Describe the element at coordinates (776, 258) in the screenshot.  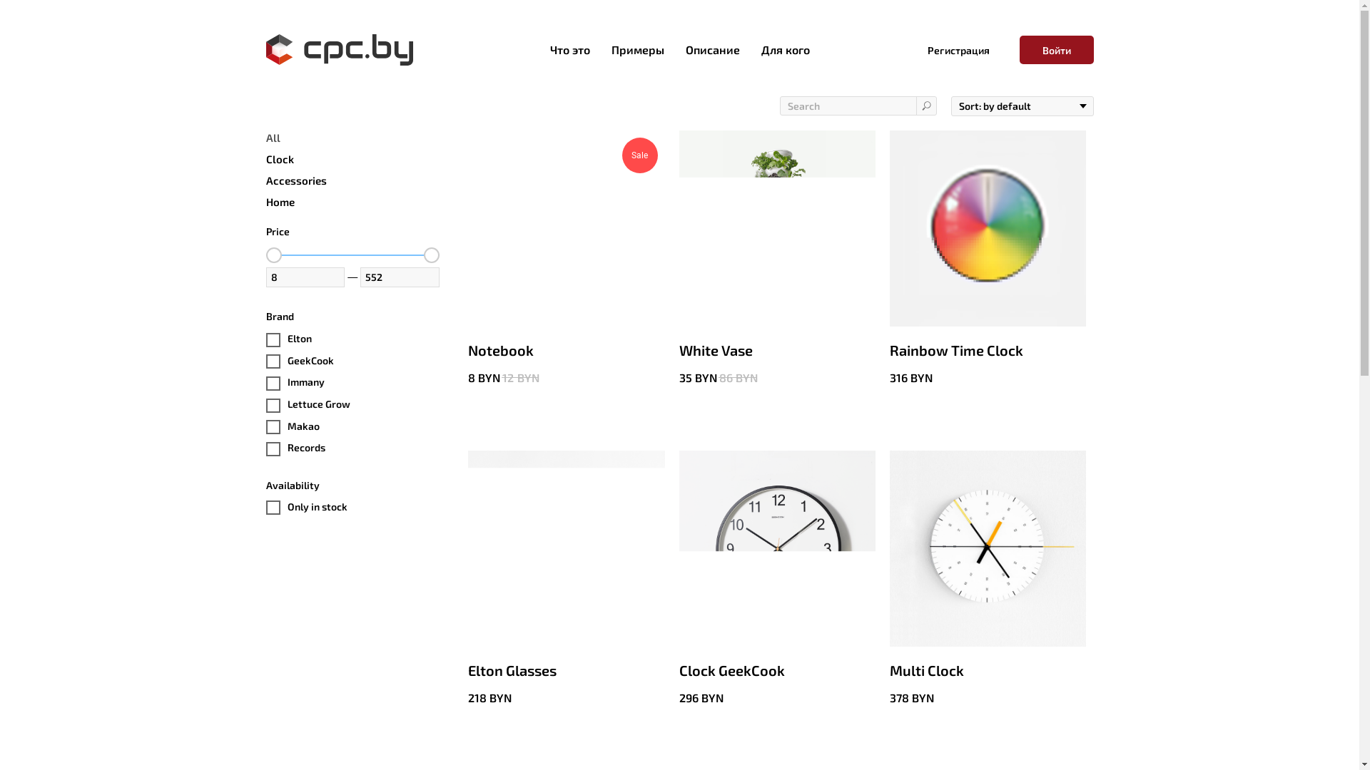
I see `'White Vase` at that location.